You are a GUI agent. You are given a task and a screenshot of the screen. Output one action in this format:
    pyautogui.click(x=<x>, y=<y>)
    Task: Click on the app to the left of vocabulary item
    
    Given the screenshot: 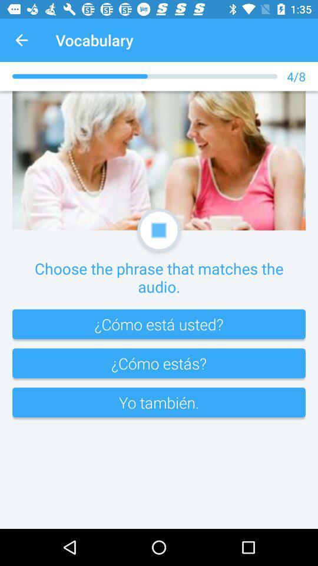 What is the action you would take?
    pyautogui.click(x=21, y=40)
    